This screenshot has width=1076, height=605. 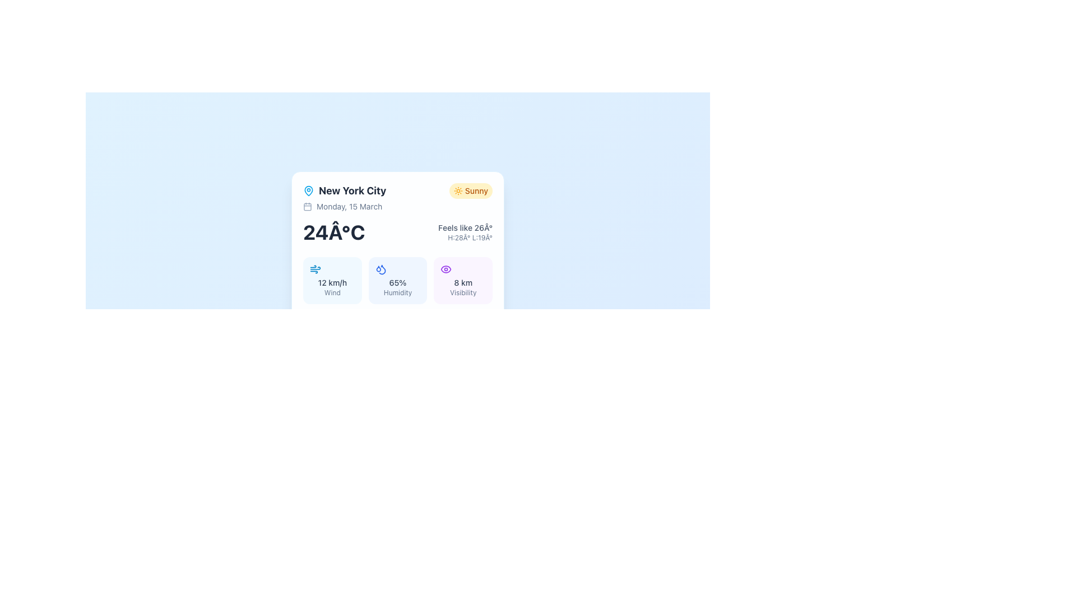 What do you see at coordinates (398, 292) in the screenshot?
I see `text from the Text Label that describes the numerical value of humidity, which is located below the '65%' text in a blue card` at bounding box center [398, 292].